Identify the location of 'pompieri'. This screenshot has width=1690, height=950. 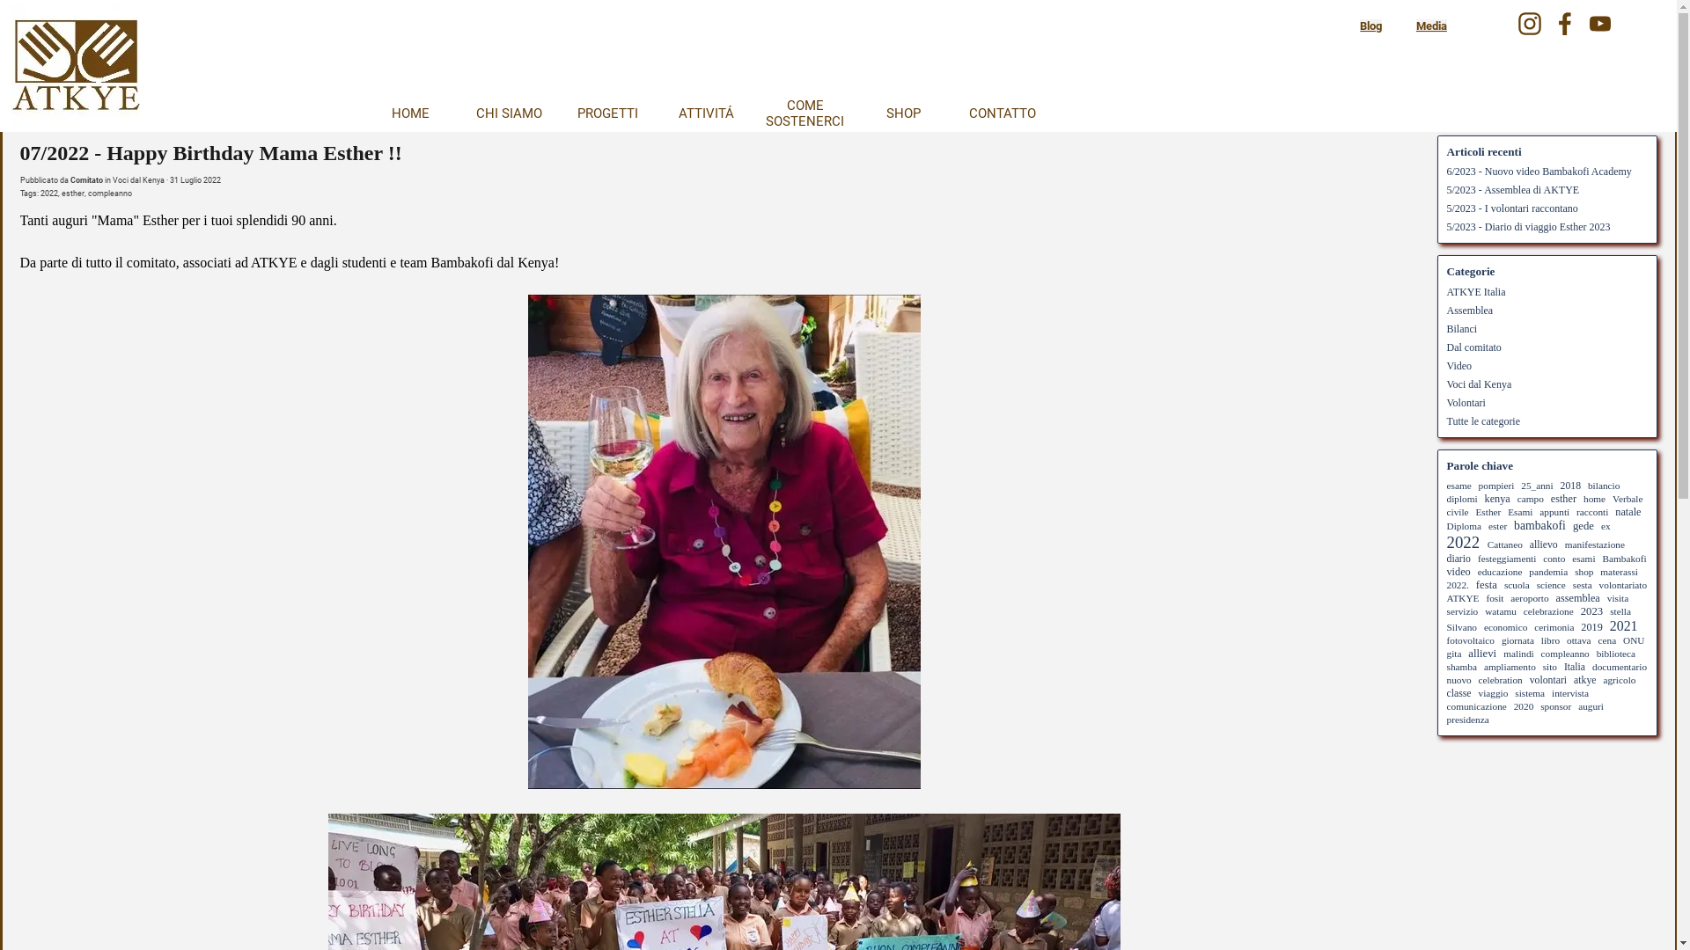
(1495, 485).